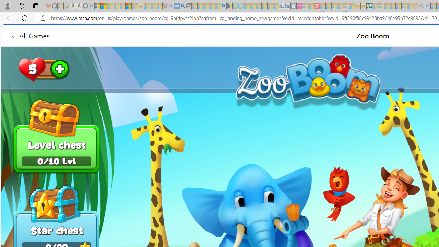 This screenshot has width=439, height=247. Describe the element at coordinates (110, 6) in the screenshot. I see `'The Weather Channel - MSN - Sleeping'` at that location.